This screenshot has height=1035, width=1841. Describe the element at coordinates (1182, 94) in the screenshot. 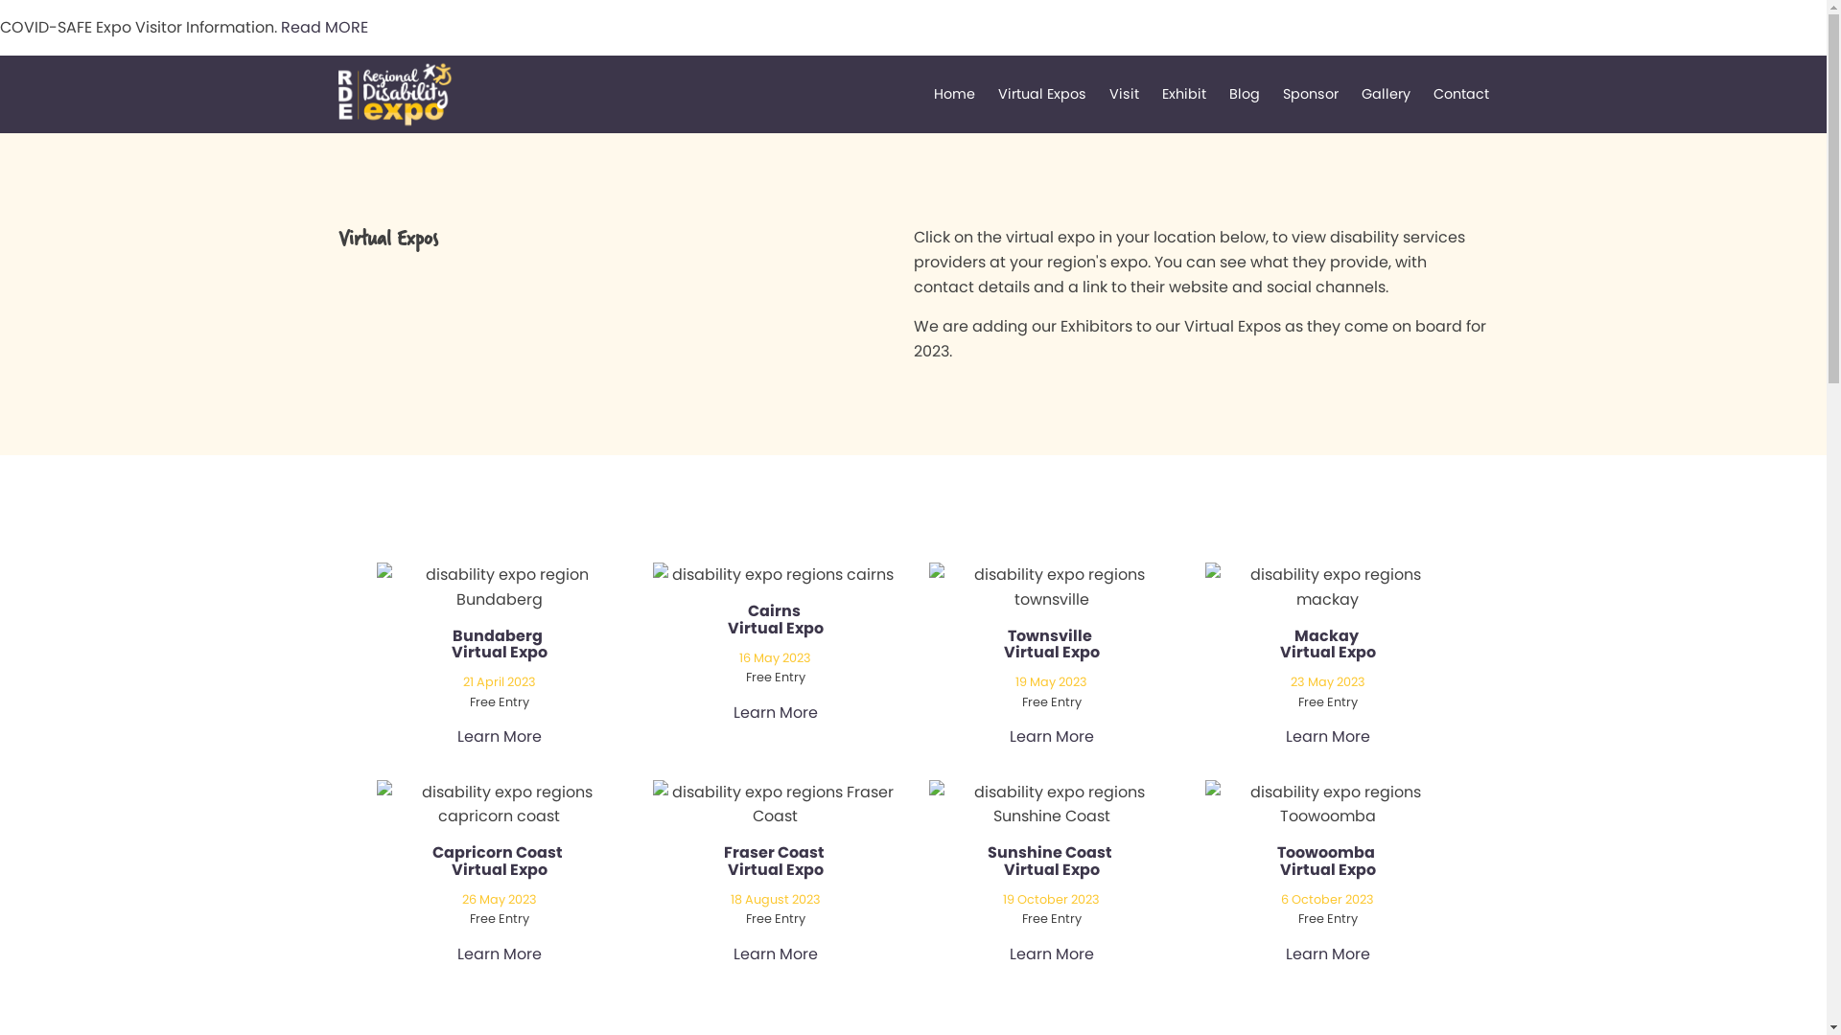

I see `'Exhibit'` at that location.